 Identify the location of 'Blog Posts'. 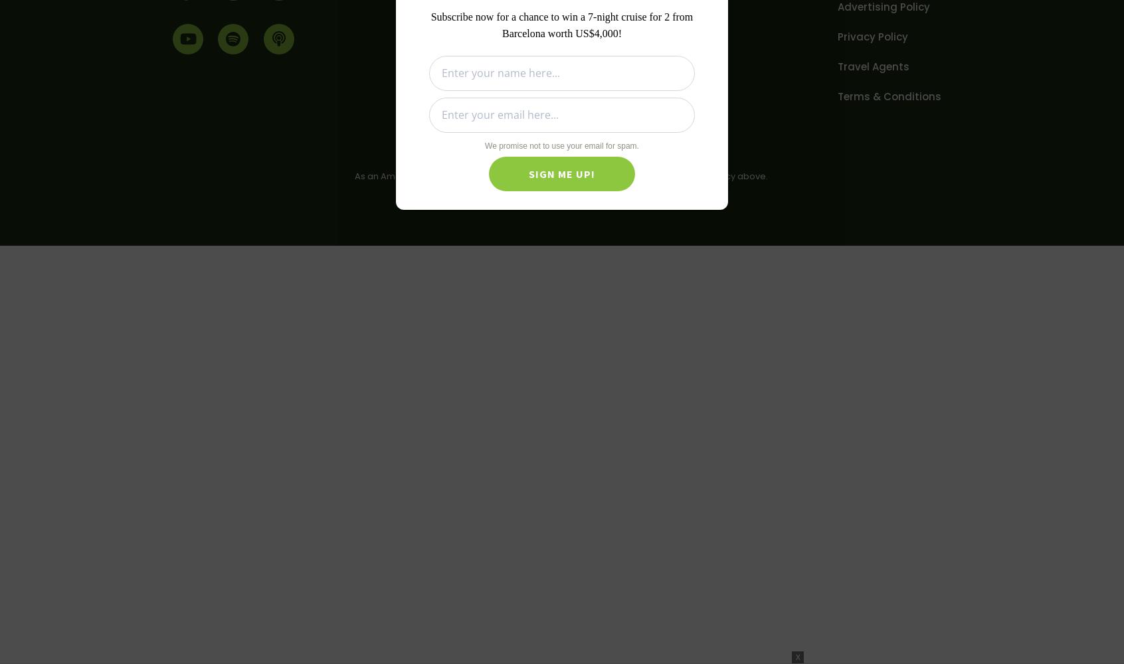
(665, 37).